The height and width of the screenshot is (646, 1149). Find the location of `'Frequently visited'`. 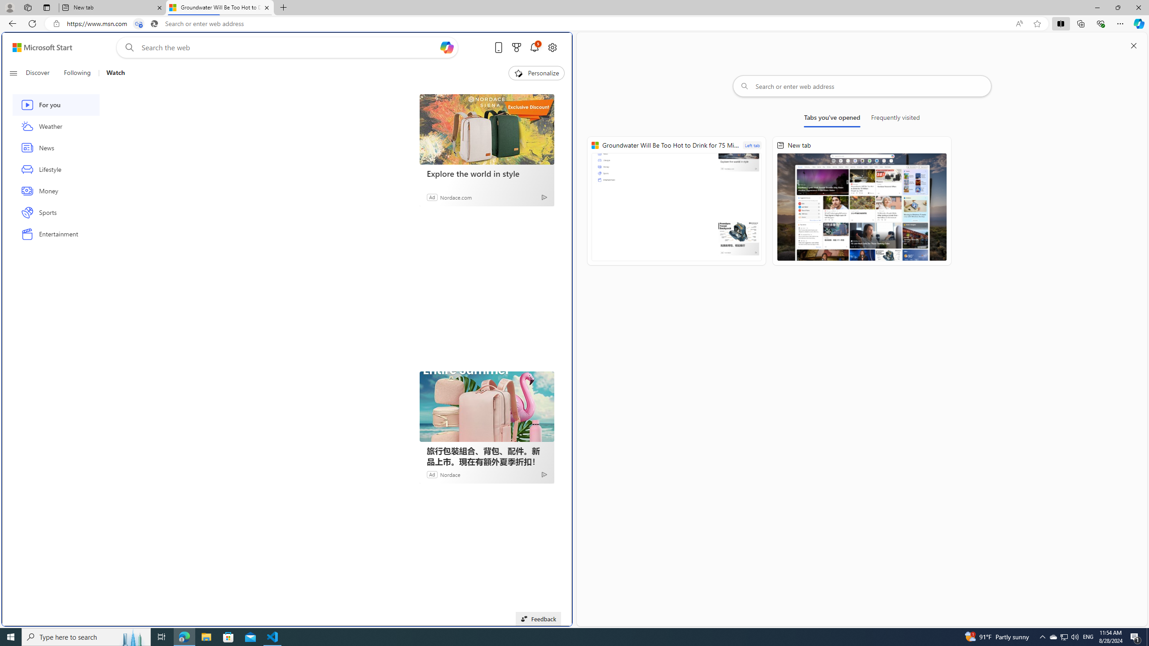

'Frequently visited' is located at coordinates (895, 119).